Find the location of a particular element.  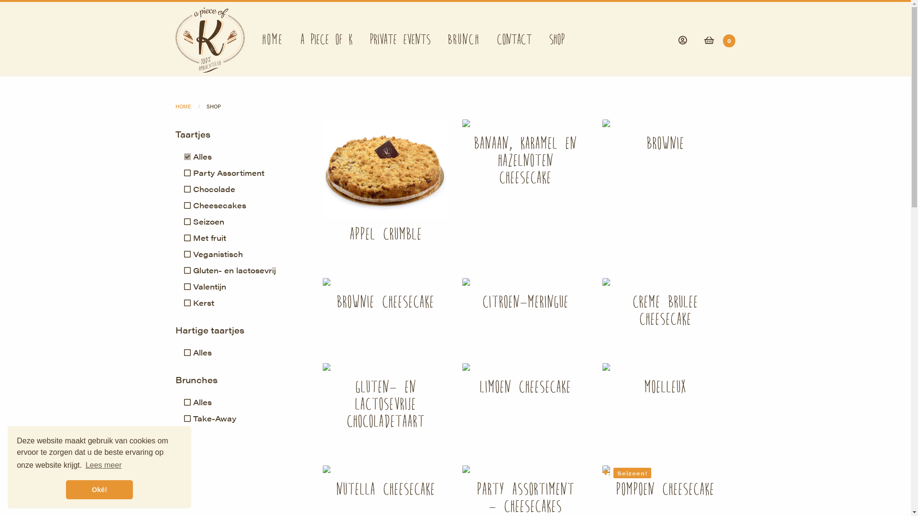

'Veganistisch' is located at coordinates (245, 254).